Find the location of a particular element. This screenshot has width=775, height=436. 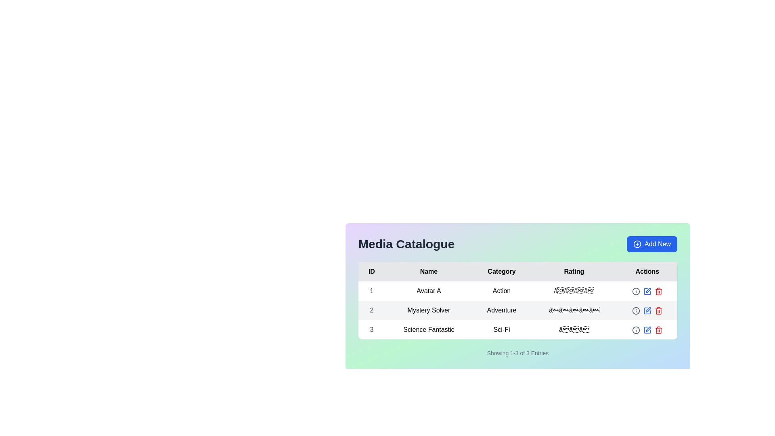

the circular graphic within the SVG icon located in the 'Actions' column of the first row of the table, adjacent to the 'Rating' column for visual information is located at coordinates (635, 291).